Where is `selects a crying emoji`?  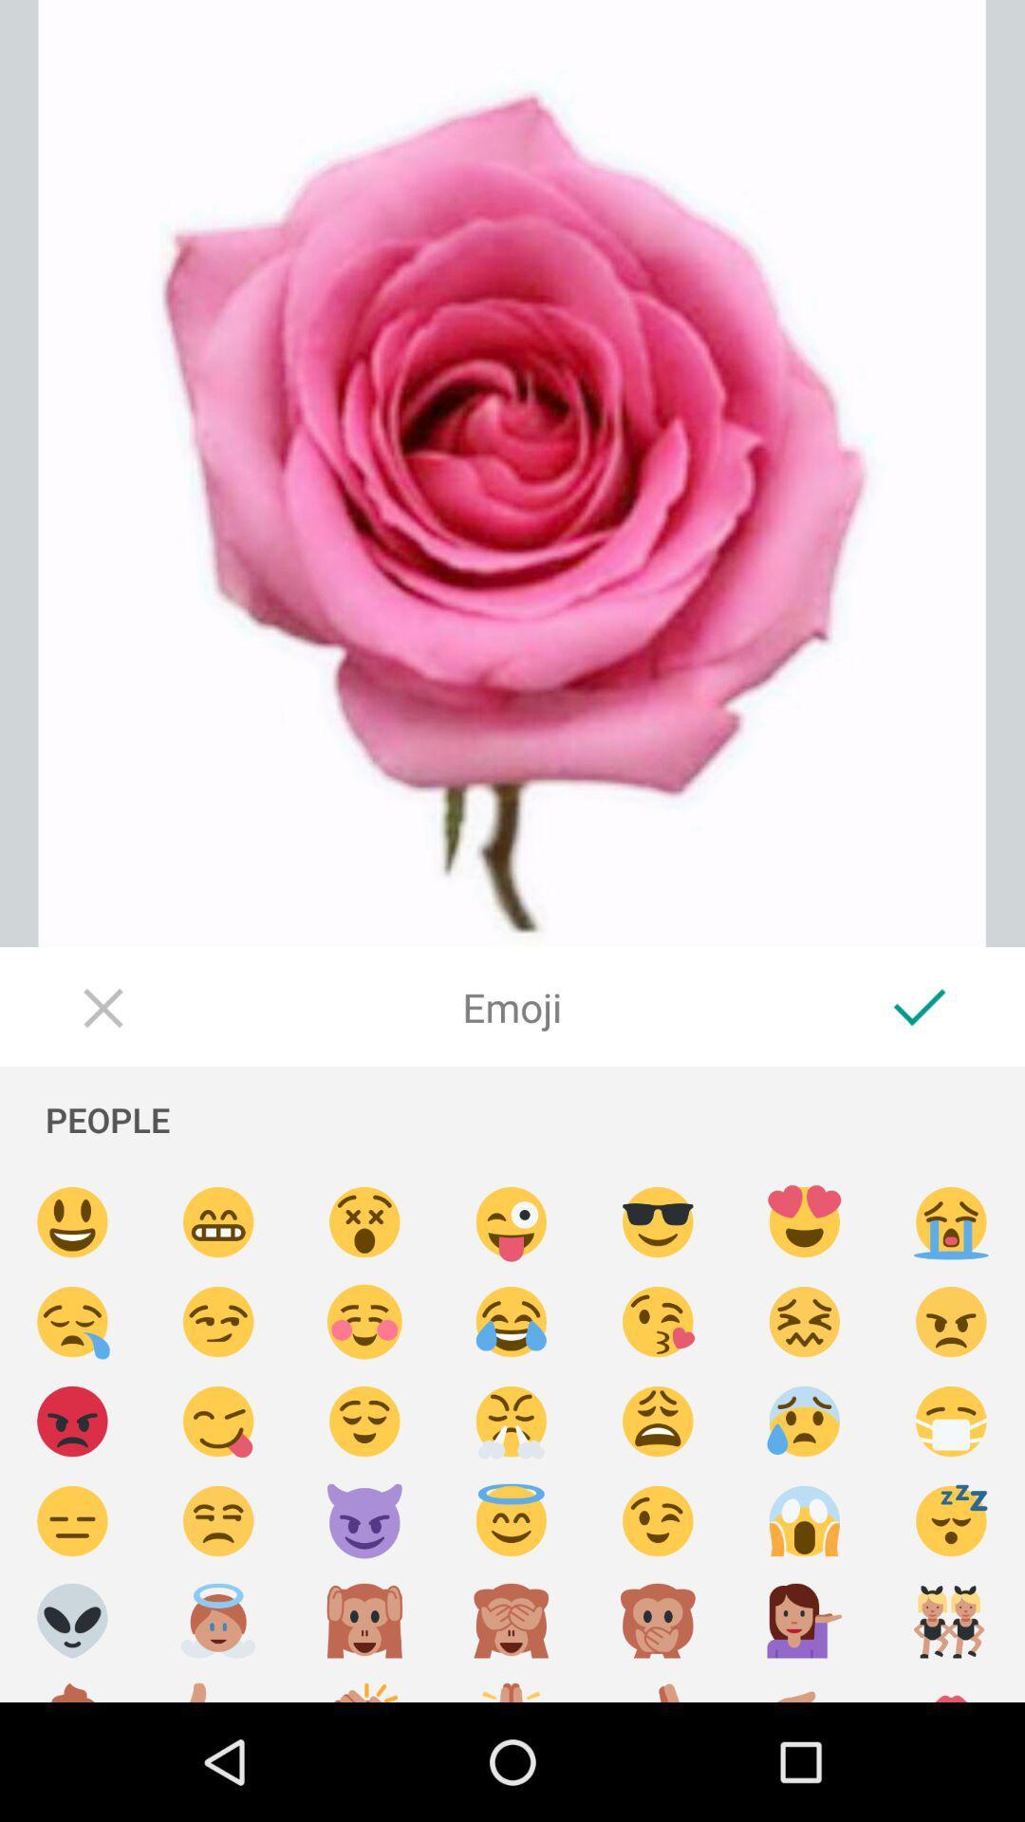
selects a crying emoji is located at coordinates (71, 1321).